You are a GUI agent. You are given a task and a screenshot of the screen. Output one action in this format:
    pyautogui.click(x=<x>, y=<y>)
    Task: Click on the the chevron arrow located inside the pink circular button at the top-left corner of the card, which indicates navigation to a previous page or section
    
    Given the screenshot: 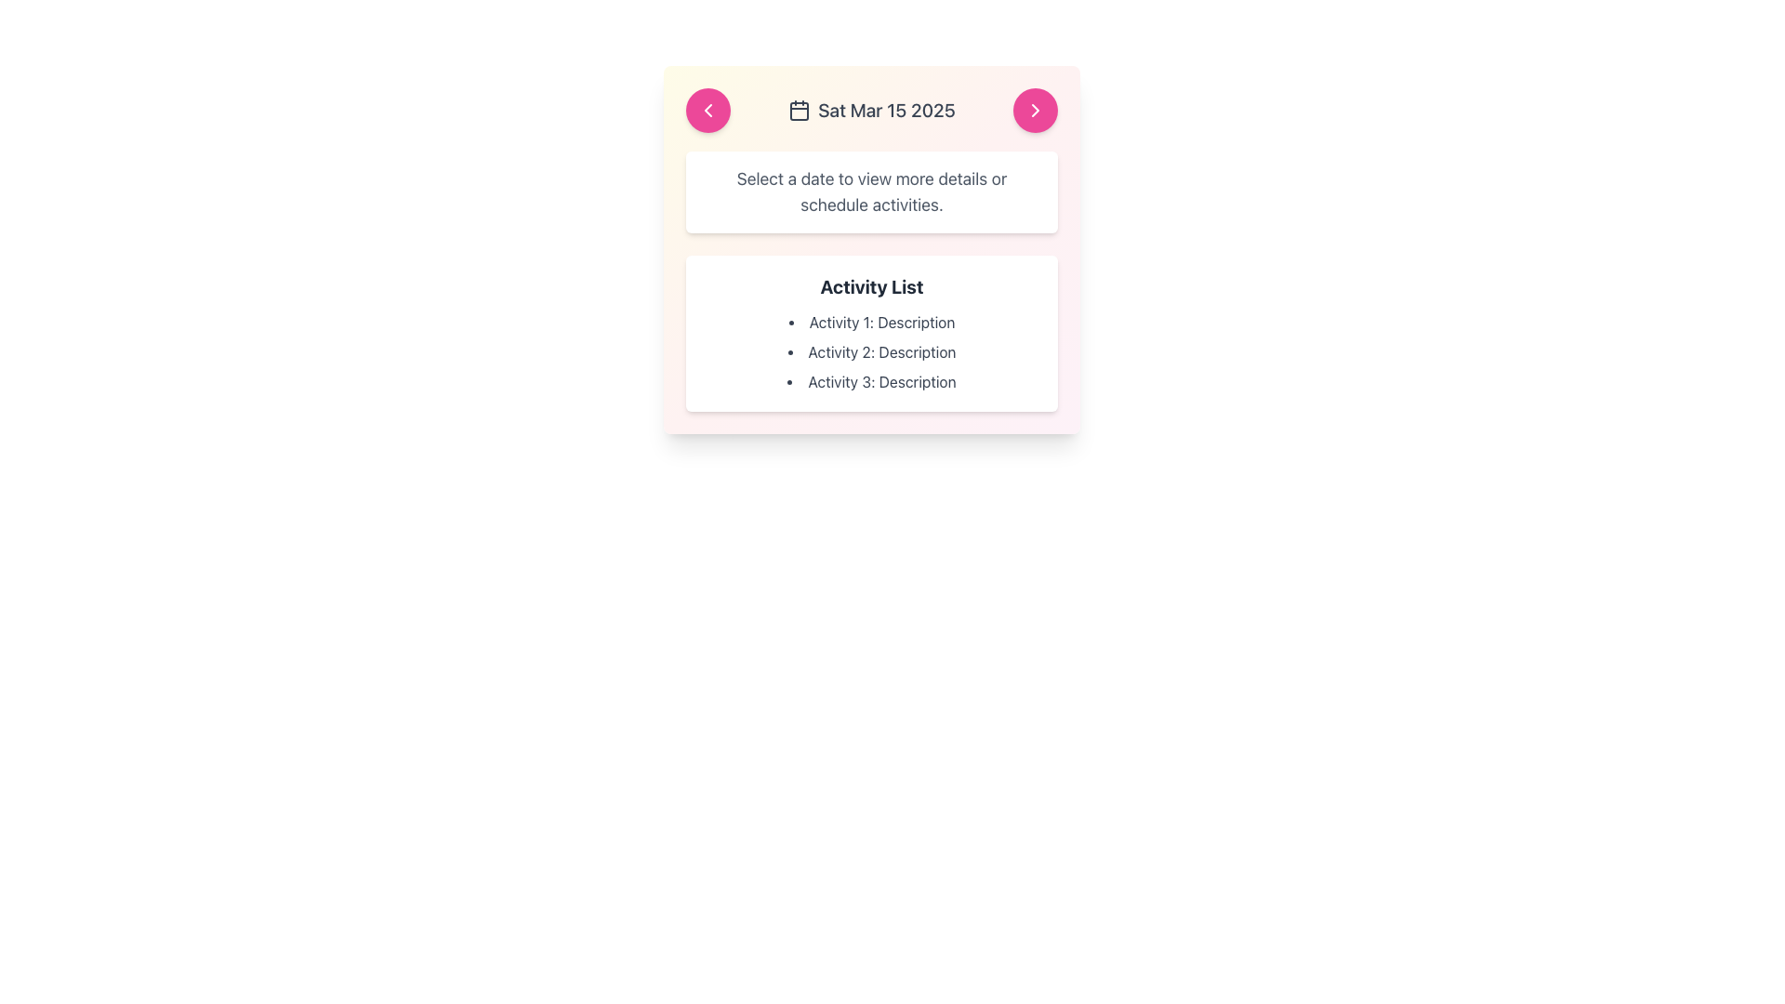 What is the action you would take?
    pyautogui.click(x=707, y=111)
    